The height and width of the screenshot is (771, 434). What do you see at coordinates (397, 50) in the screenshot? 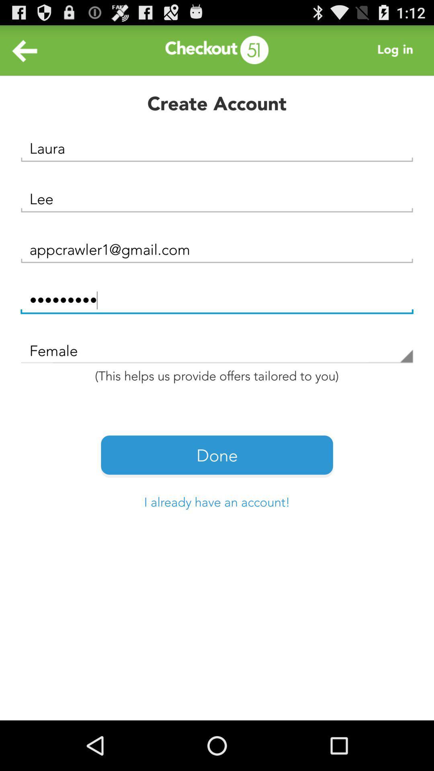
I see `open log in page` at bounding box center [397, 50].